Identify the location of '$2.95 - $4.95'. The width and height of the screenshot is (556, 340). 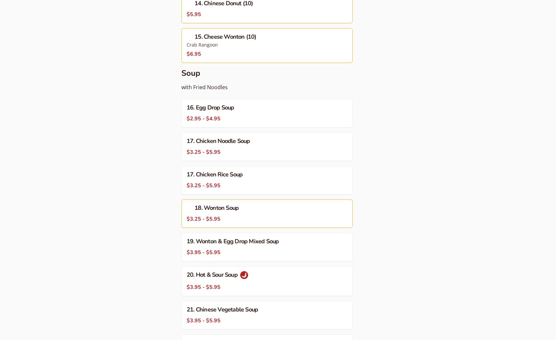
(203, 118).